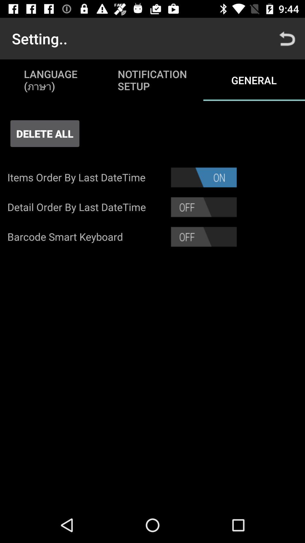 This screenshot has width=305, height=543. I want to click on icon above items order by, so click(44, 133).